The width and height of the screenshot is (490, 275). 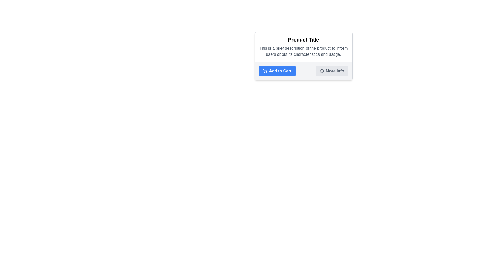 I want to click on the 'More Info' button, which is a rectangular button with a light gray background and rounded corners, located at the bottom of the content box titled 'Product Title', so click(x=332, y=71).